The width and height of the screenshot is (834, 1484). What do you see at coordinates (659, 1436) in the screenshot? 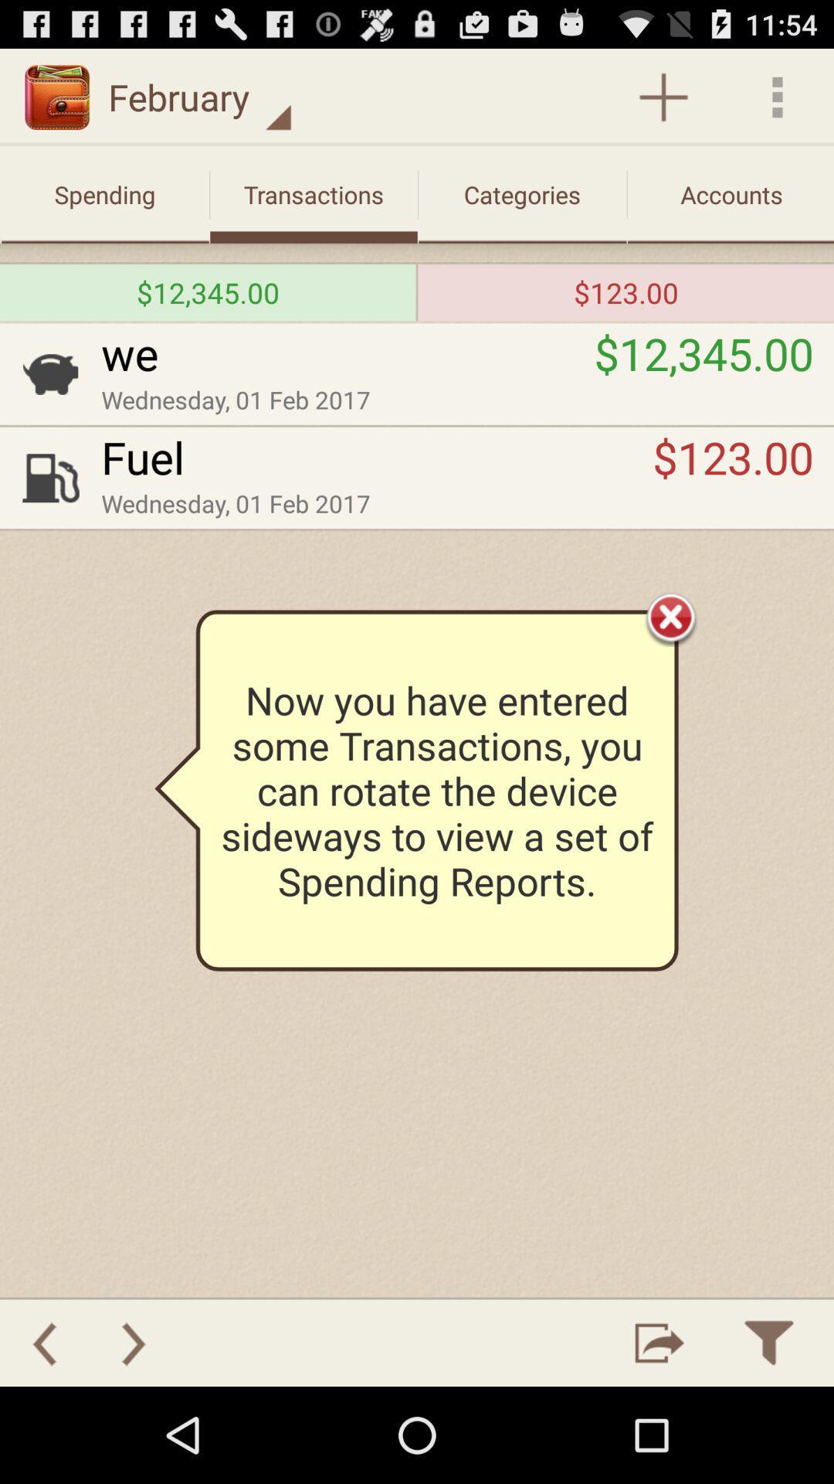
I see `the launch icon` at bounding box center [659, 1436].